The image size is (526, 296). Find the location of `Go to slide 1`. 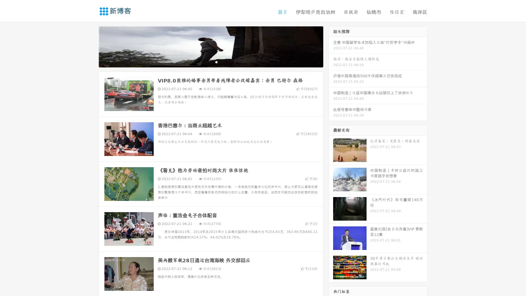

Go to slide 1 is located at coordinates (205, 62).